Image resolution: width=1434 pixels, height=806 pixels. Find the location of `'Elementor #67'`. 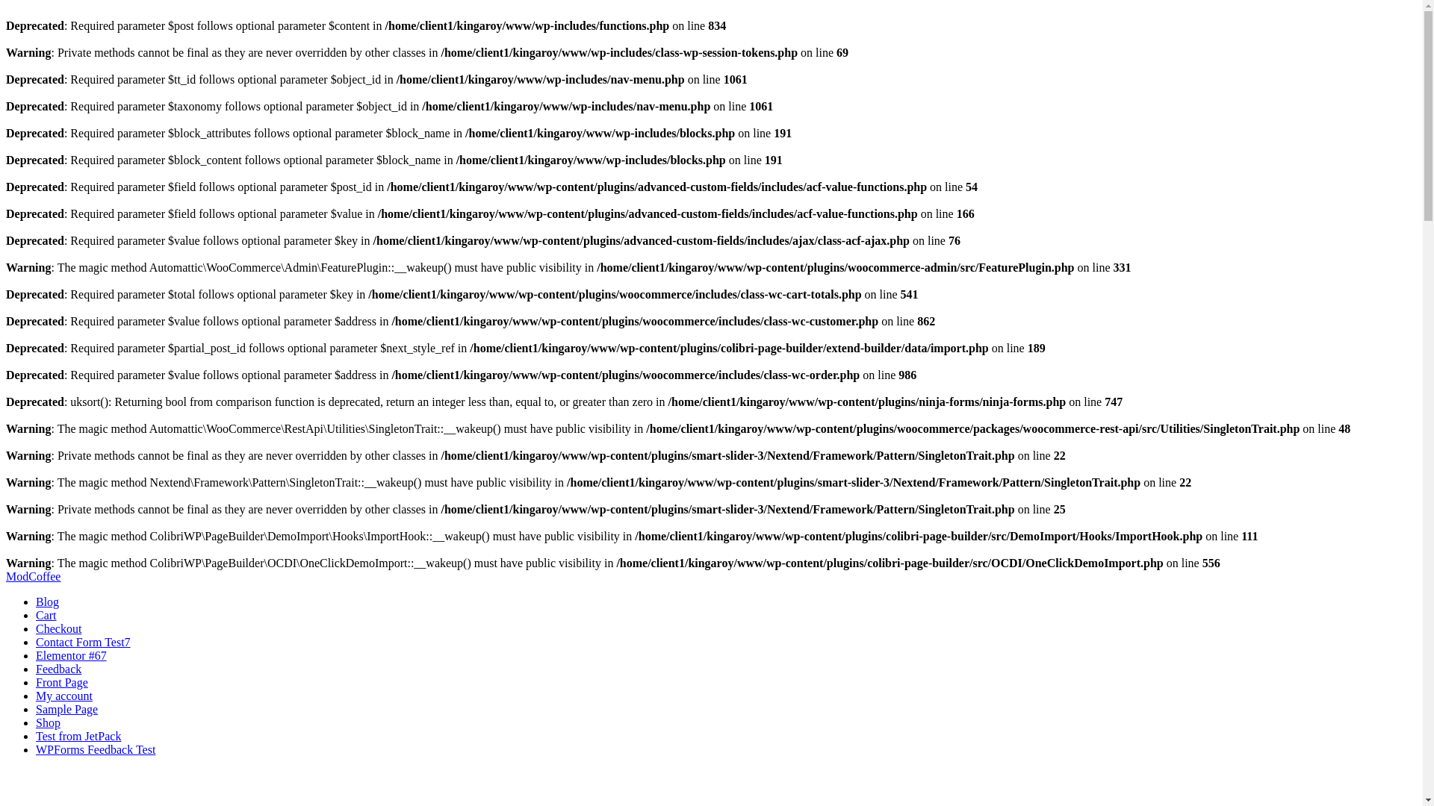

'Elementor #67' is located at coordinates (70, 655).